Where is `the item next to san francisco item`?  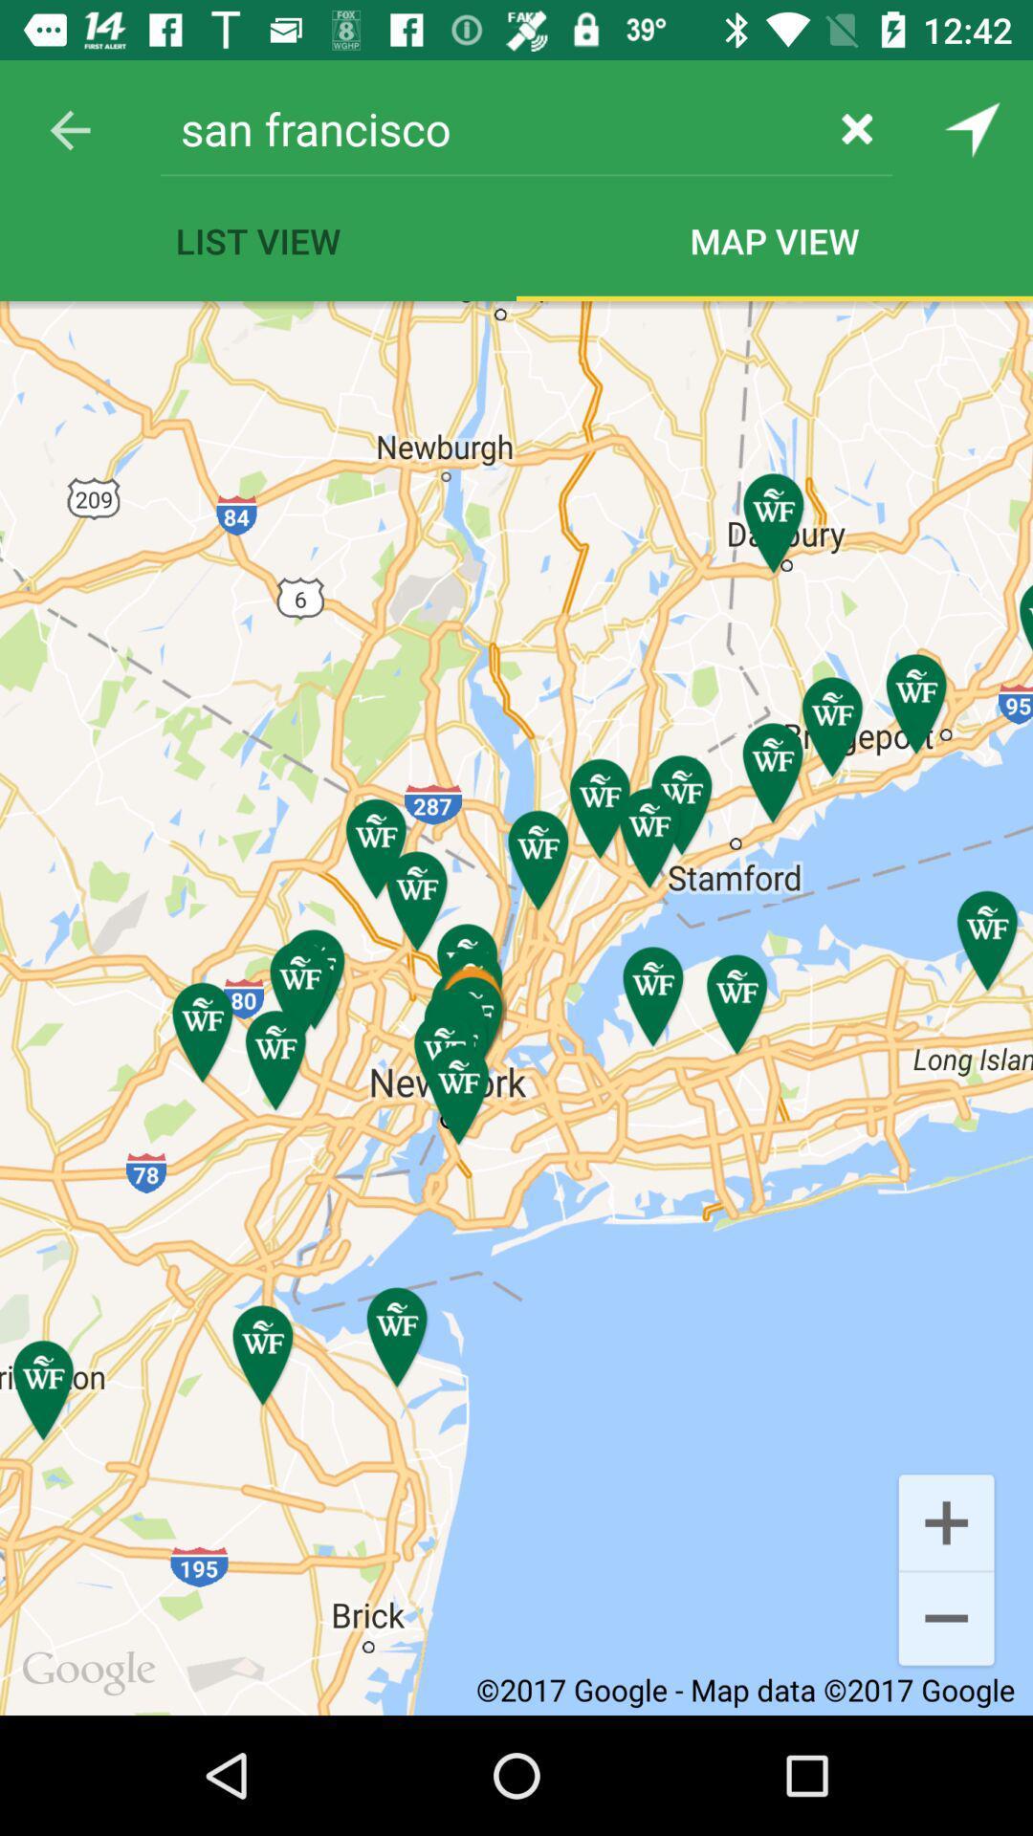
the item next to san francisco item is located at coordinates (856, 127).